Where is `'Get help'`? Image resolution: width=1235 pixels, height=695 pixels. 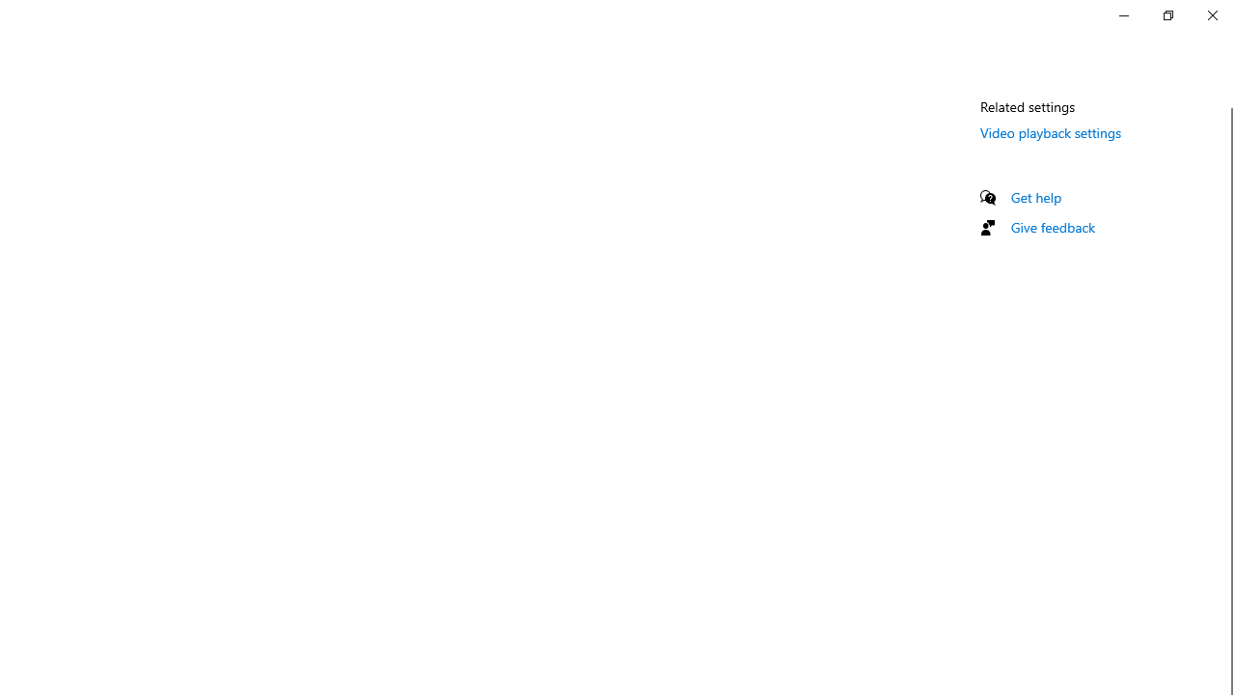
'Get help' is located at coordinates (1035, 197).